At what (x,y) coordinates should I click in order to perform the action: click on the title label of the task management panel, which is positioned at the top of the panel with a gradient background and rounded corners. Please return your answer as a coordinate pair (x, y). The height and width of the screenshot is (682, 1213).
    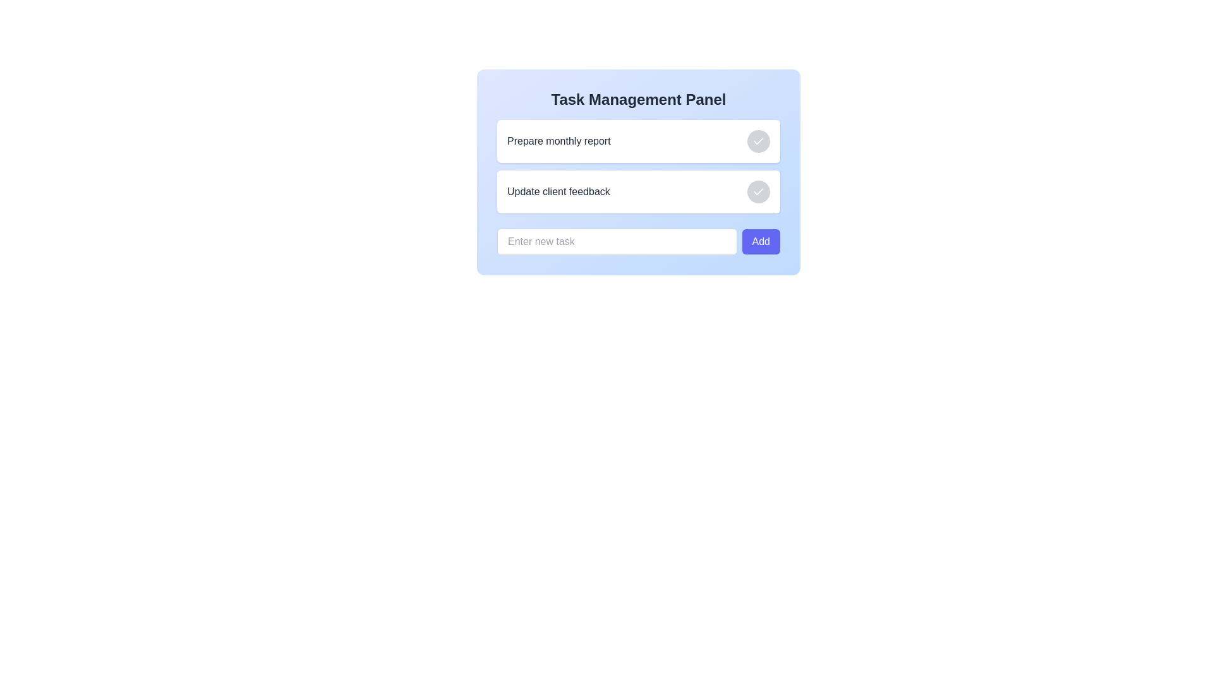
    Looking at the image, I should click on (639, 99).